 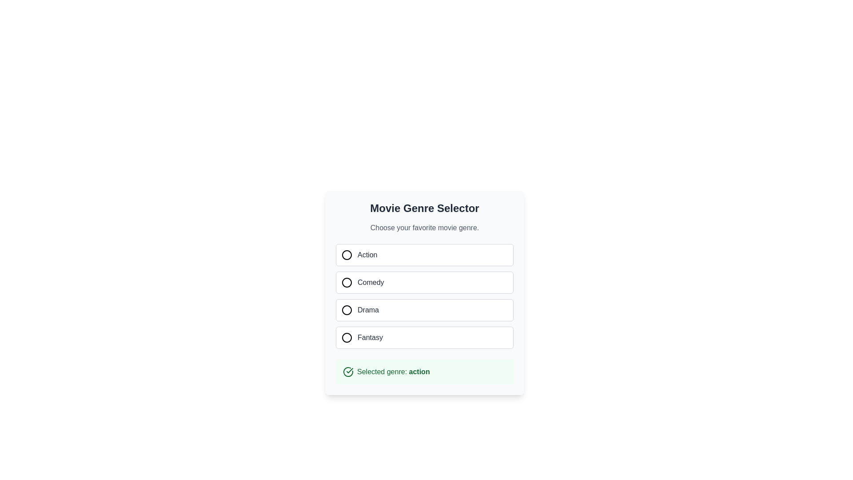 What do you see at coordinates (347, 255) in the screenshot?
I see `the selection indicator circle within the radio button for the 'Action' option in the 'Movie Genre Selector' UI` at bounding box center [347, 255].